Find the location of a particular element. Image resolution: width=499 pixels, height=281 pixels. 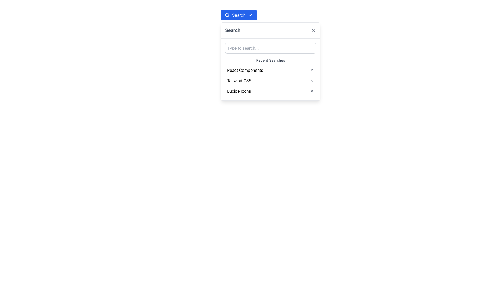

the 'X' icon button is located at coordinates (312, 91).